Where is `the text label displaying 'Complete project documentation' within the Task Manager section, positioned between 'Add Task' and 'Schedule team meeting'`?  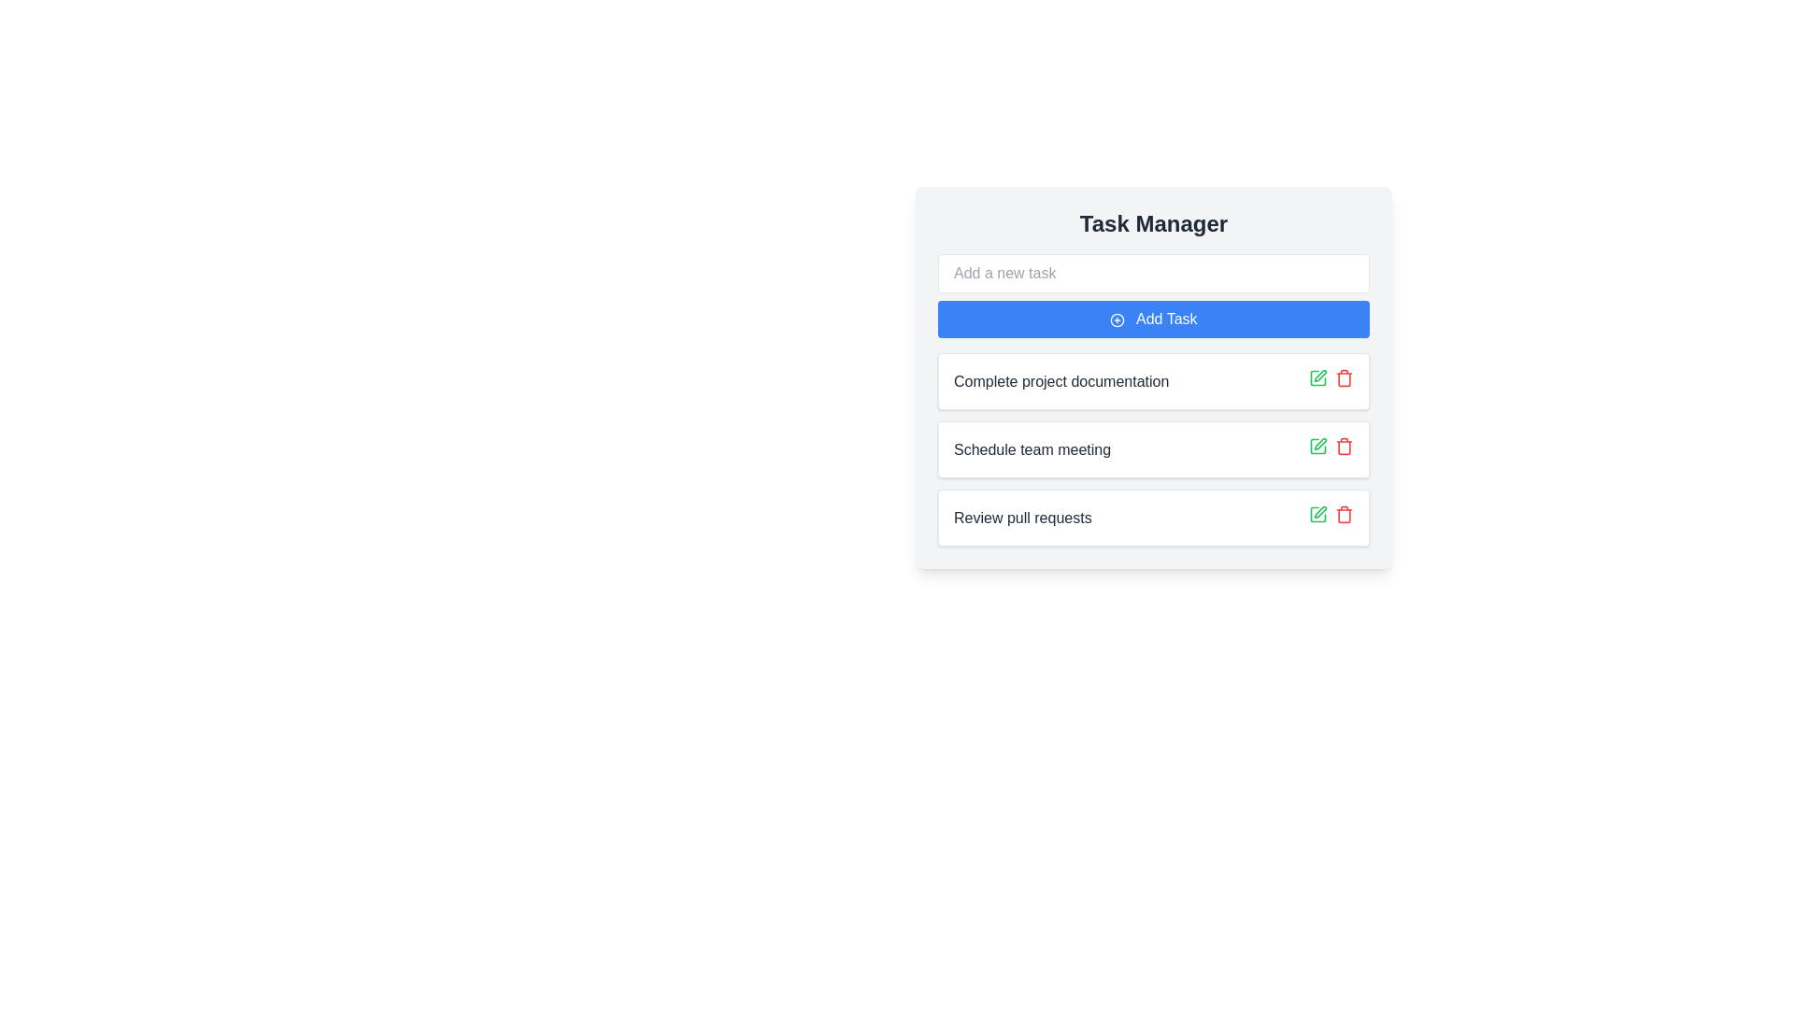
the text label displaying 'Complete project documentation' within the Task Manager section, positioned between 'Add Task' and 'Schedule team meeting' is located at coordinates (1061, 380).